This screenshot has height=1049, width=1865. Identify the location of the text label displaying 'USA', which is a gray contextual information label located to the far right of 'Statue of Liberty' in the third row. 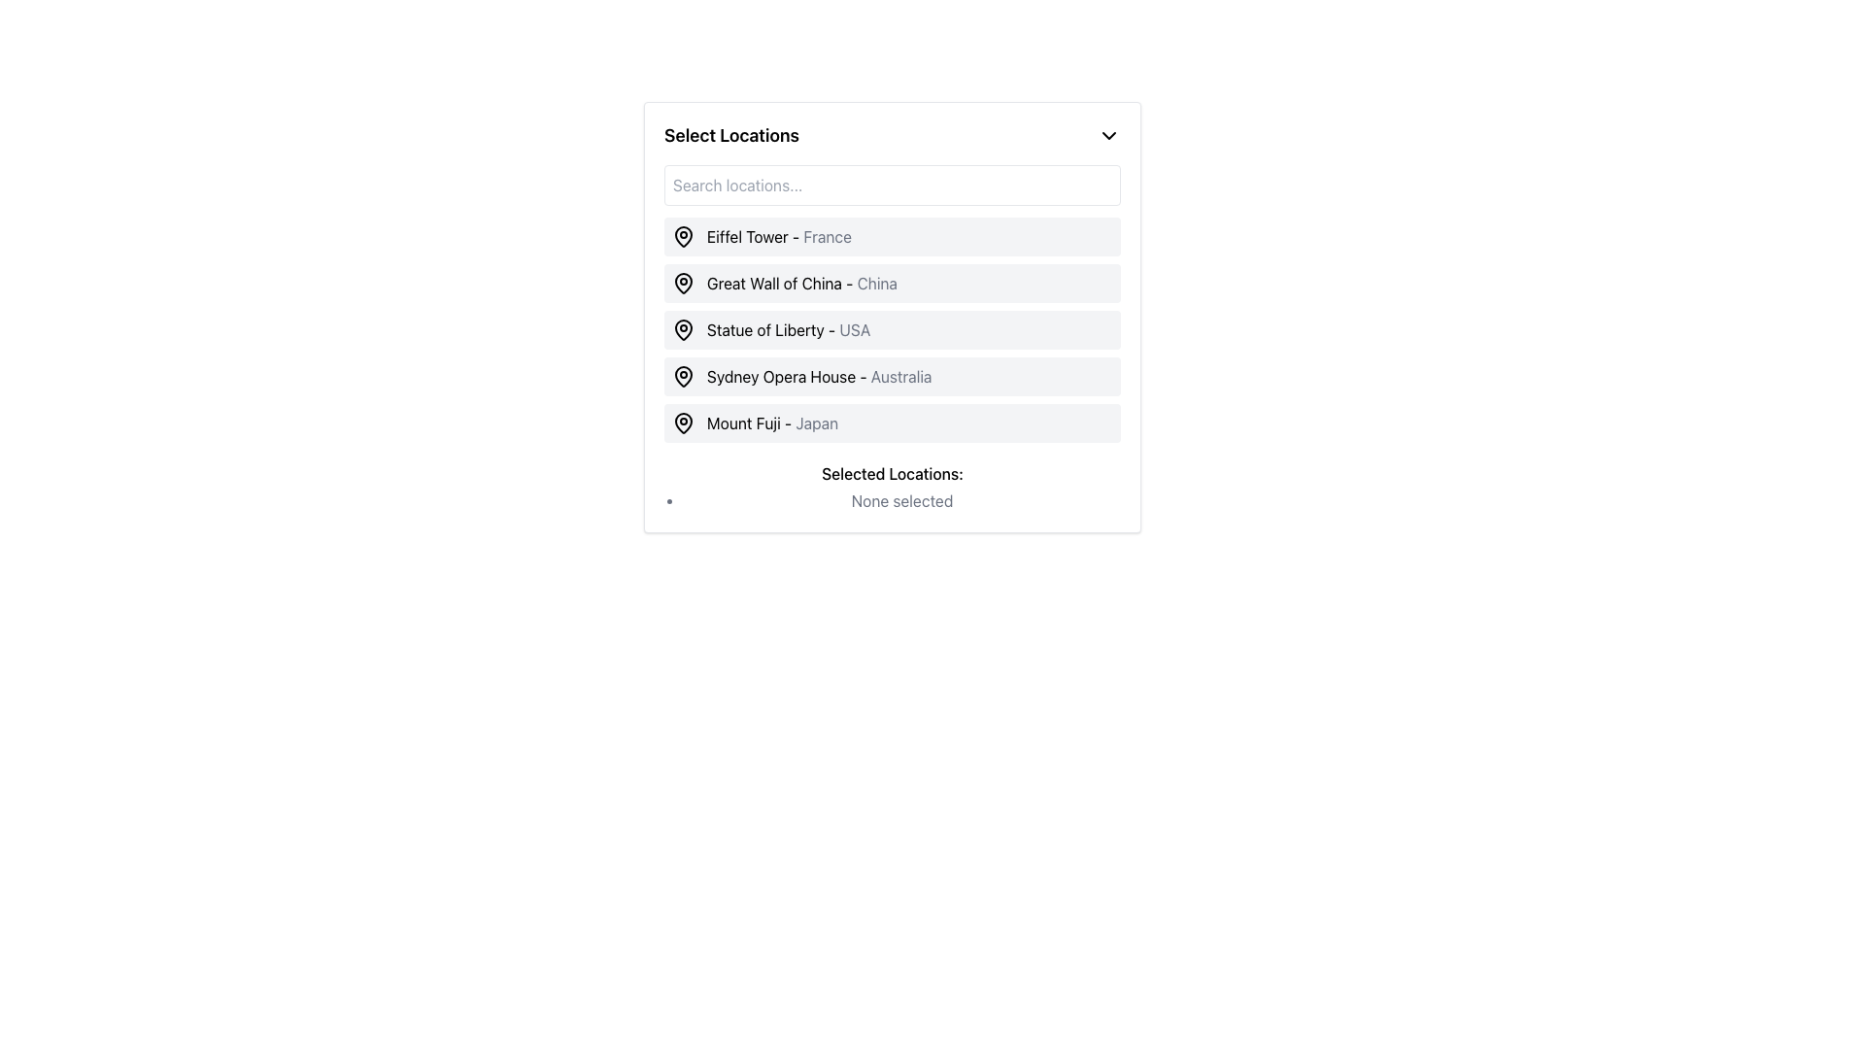
(855, 328).